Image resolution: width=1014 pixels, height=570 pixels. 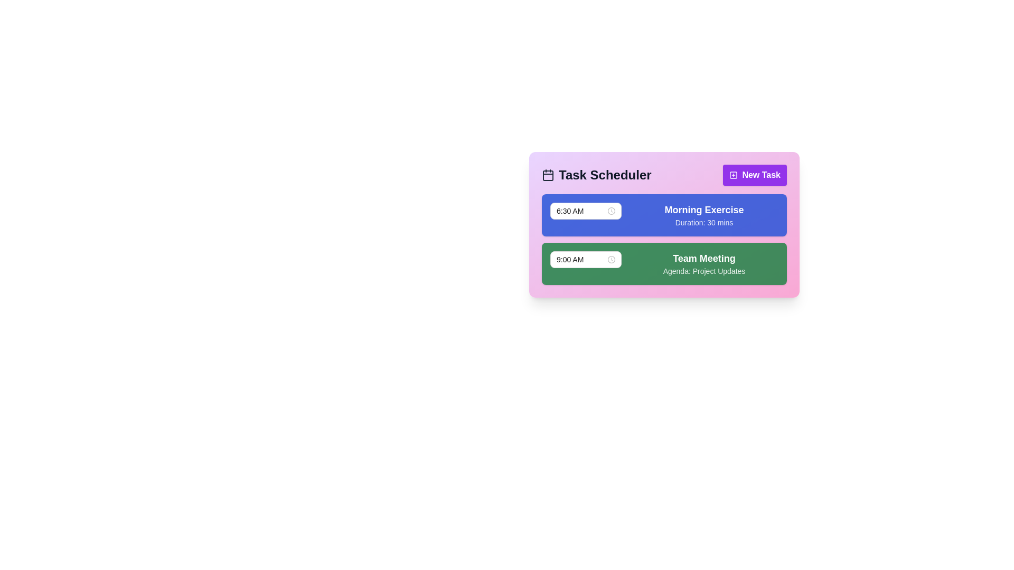 What do you see at coordinates (733, 174) in the screenshot?
I see `the decorative or interactive icon associated with the 'New Task' functionality, located on the right side of the 'Task Scheduler' panel, aligned horizontally with the 'New Task' label` at bounding box center [733, 174].